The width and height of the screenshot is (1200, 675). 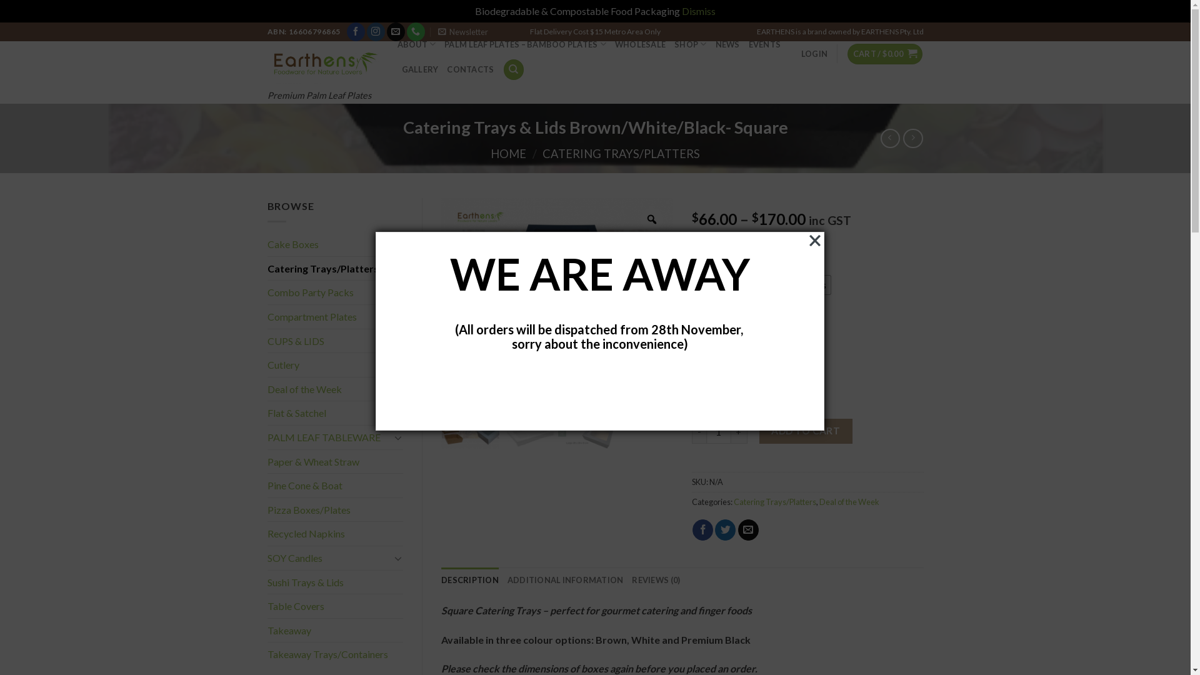 What do you see at coordinates (689, 43) in the screenshot?
I see `'SHOP'` at bounding box center [689, 43].